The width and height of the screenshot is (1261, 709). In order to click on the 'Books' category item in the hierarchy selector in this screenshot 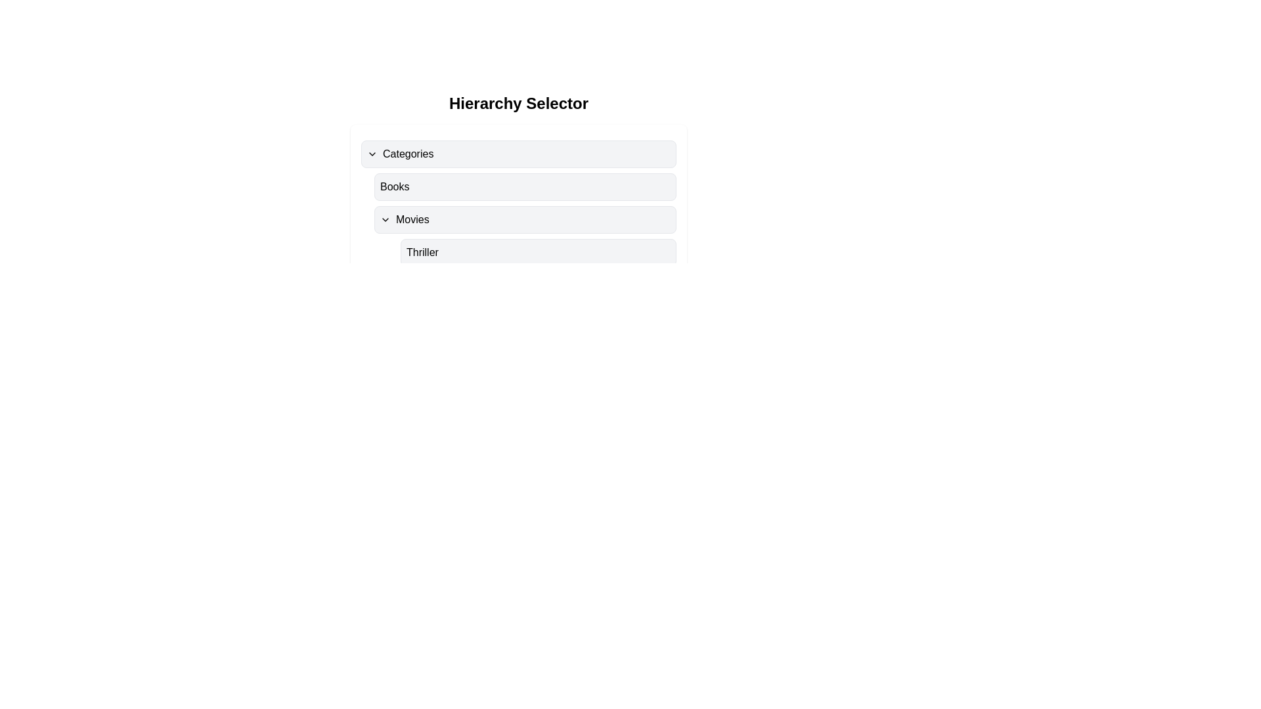, I will do `click(518, 203)`.